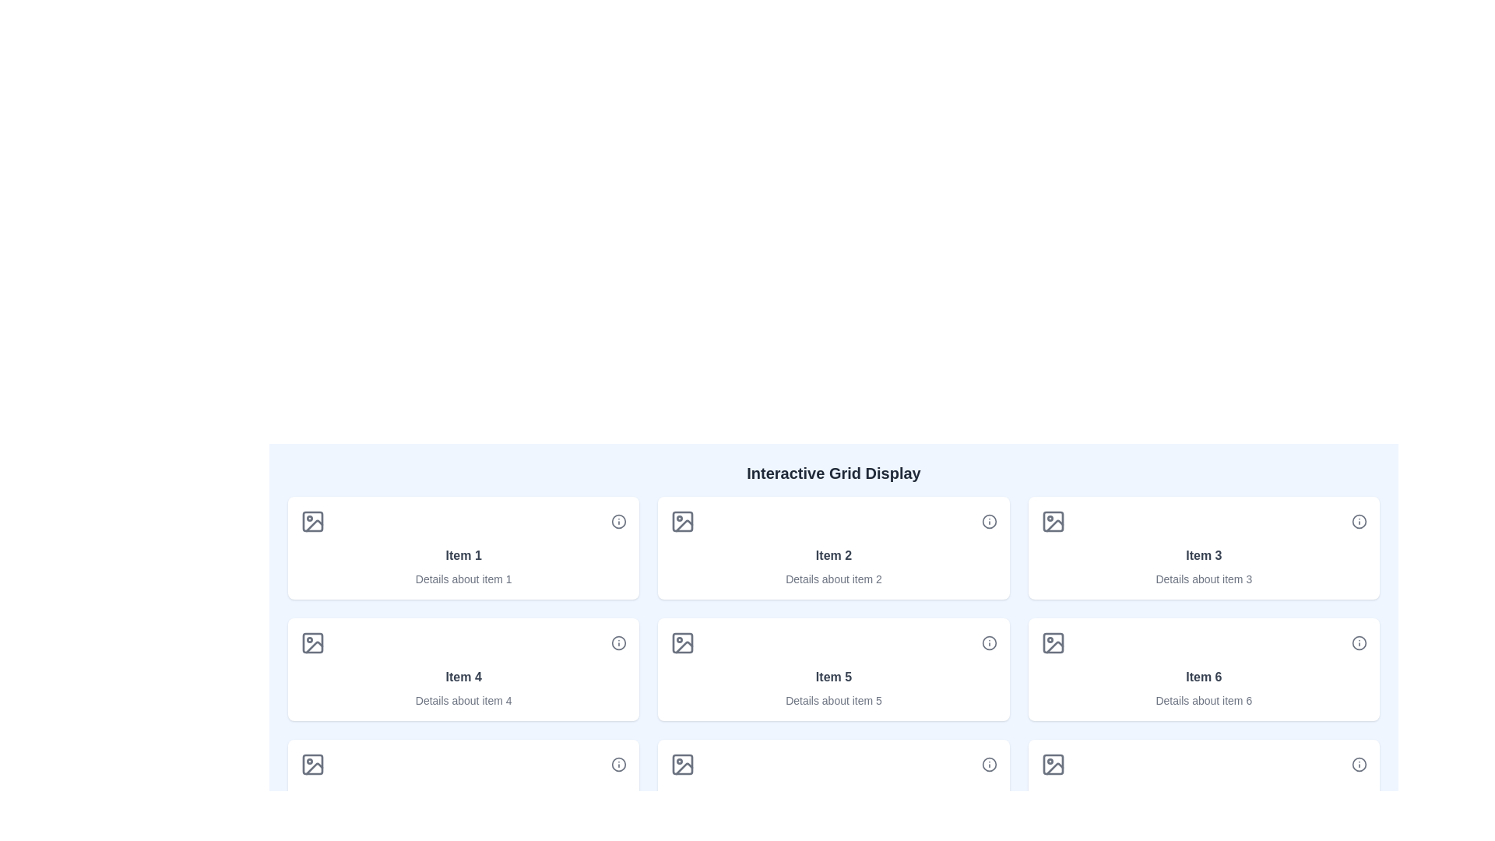  What do you see at coordinates (684, 768) in the screenshot?
I see `the error or empty state SVG icon located in the bottom row and middle column of the interactive grid to interact with its associated functionality` at bounding box center [684, 768].